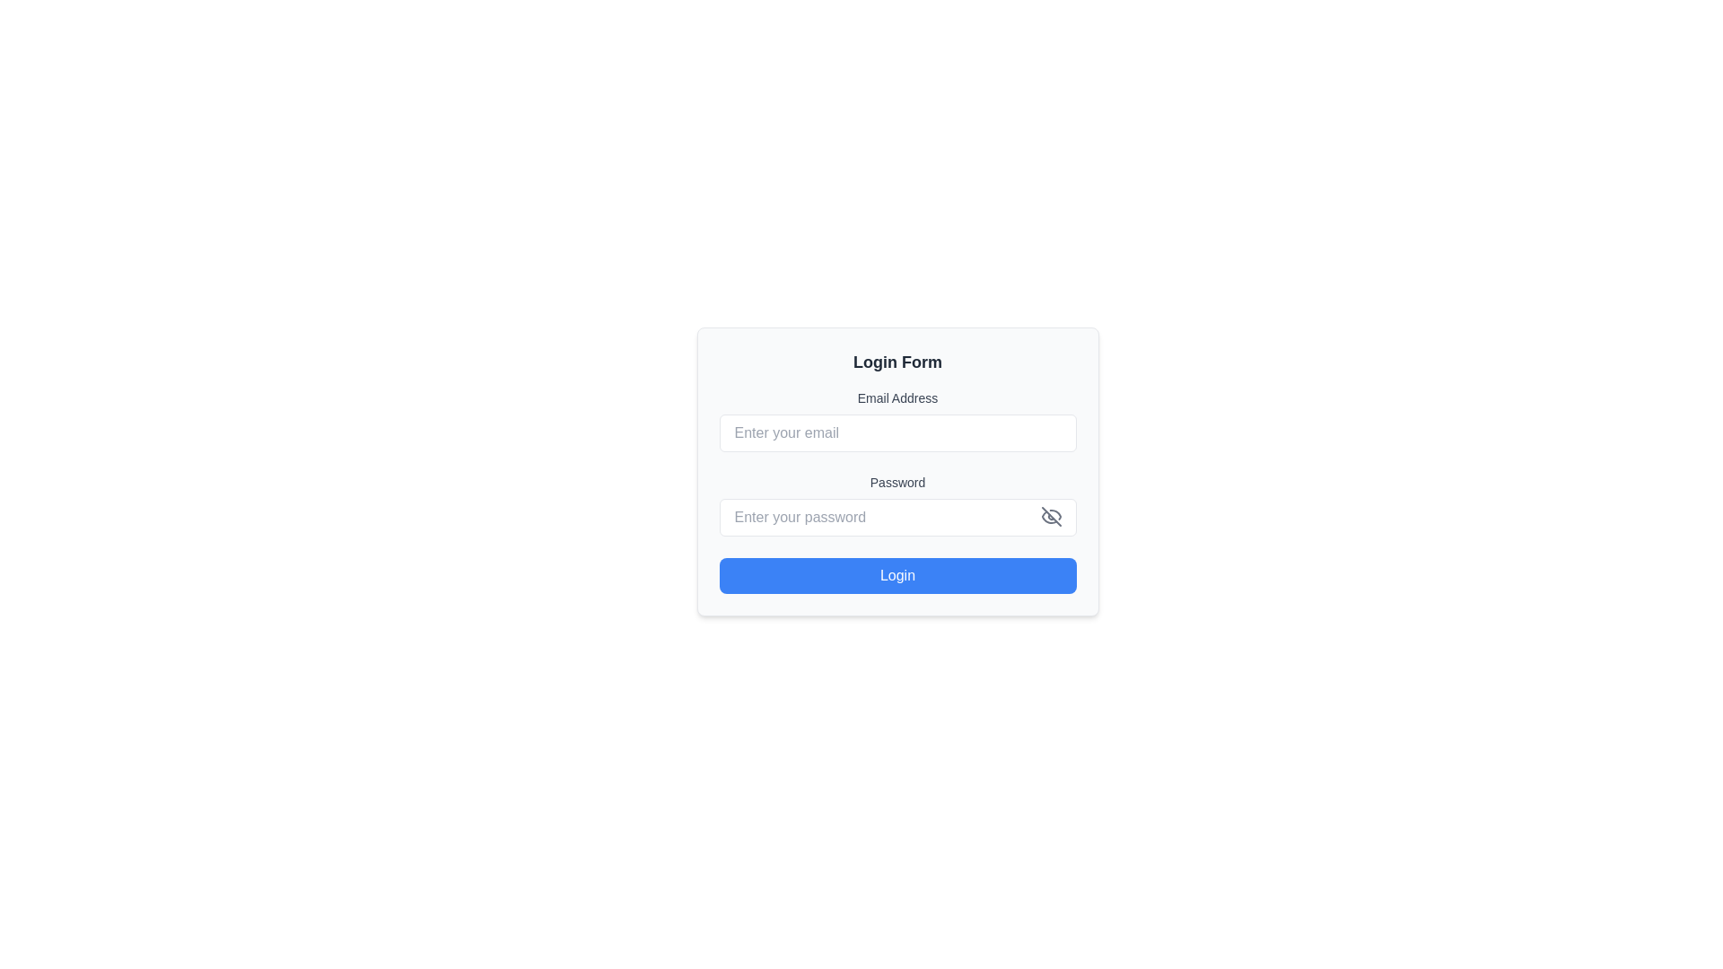  What do you see at coordinates (897, 432) in the screenshot?
I see `the email address input field in the login form by tabbing to it` at bounding box center [897, 432].